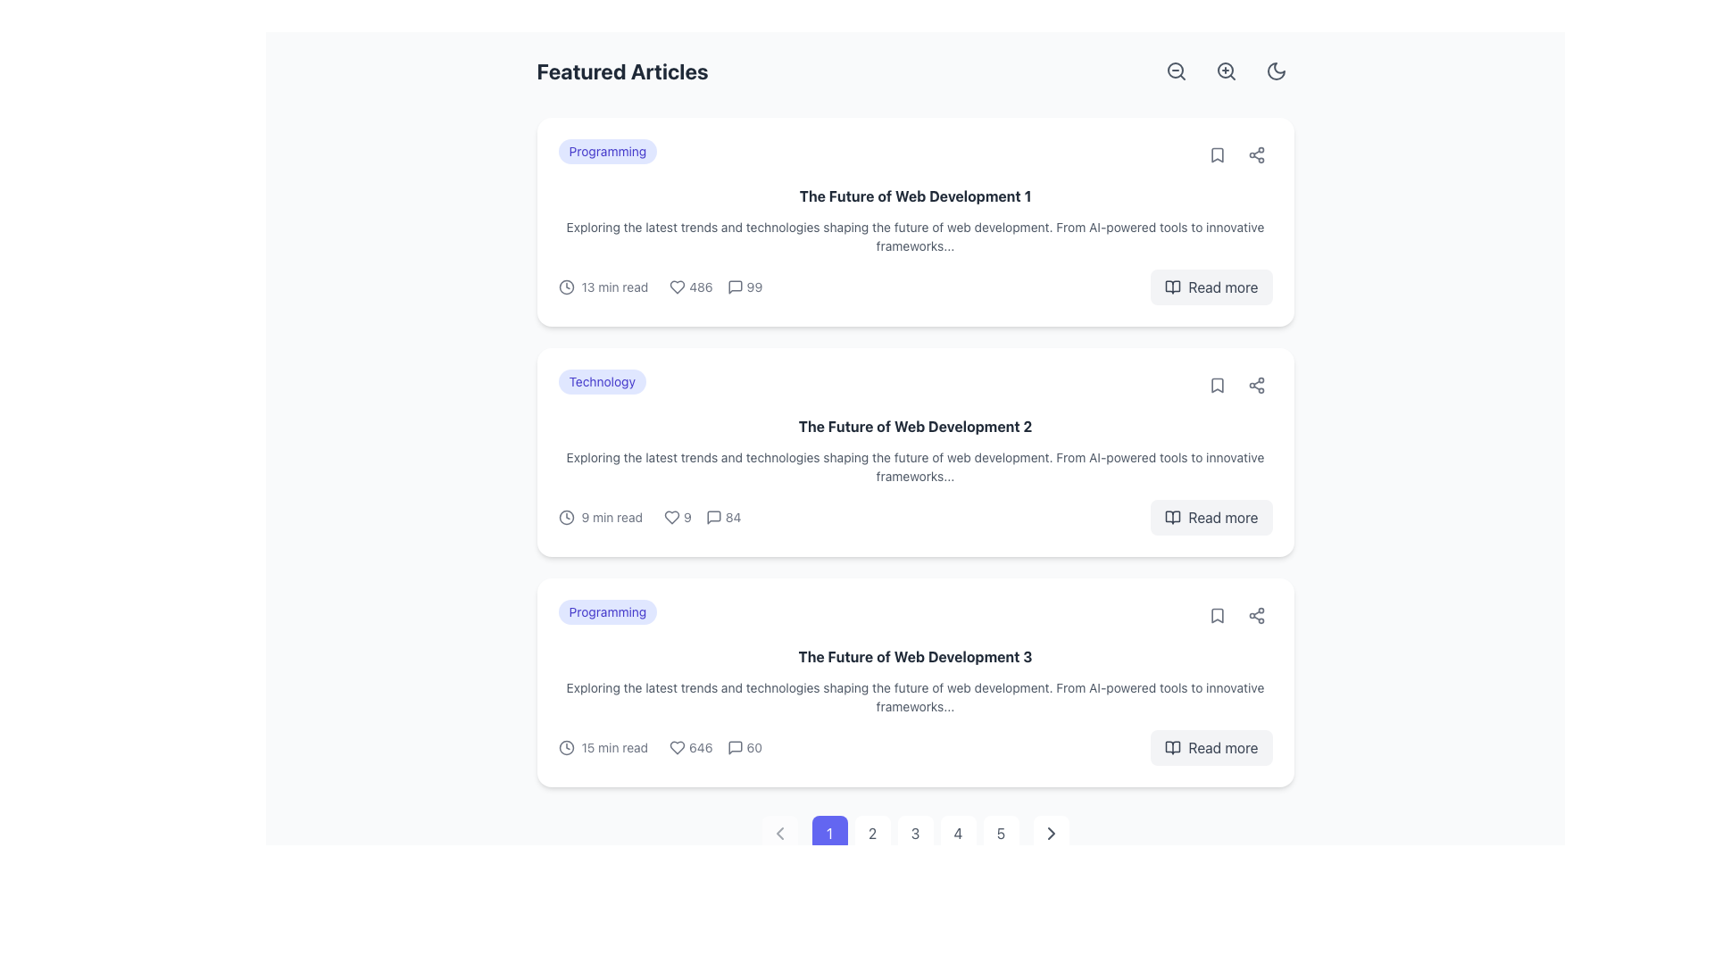 The height and width of the screenshot is (964, 1714). Describe the element at coordinates (915, 236) in the screenshot. I see `text content of the Text Block located under the bold title 'The Future of Web Development 1' in the first card of featured articles` at that location.